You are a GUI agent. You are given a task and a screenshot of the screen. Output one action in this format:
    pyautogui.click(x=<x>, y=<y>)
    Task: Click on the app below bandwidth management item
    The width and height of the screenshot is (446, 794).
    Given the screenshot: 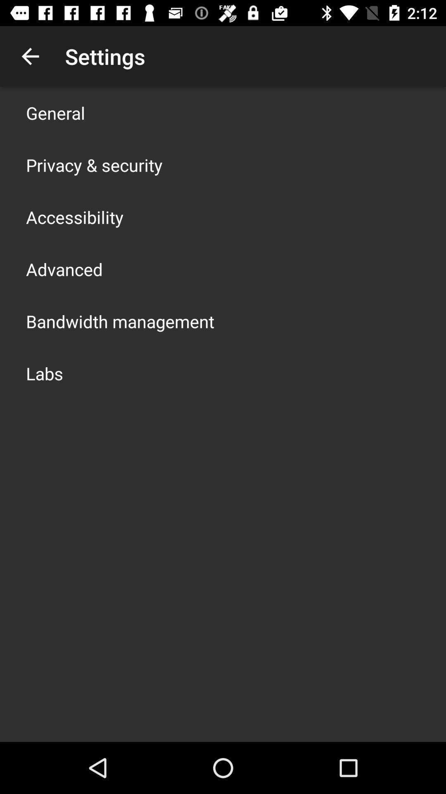 What is the action you would take?
    pyautogui.click(x=45, y=373)
    